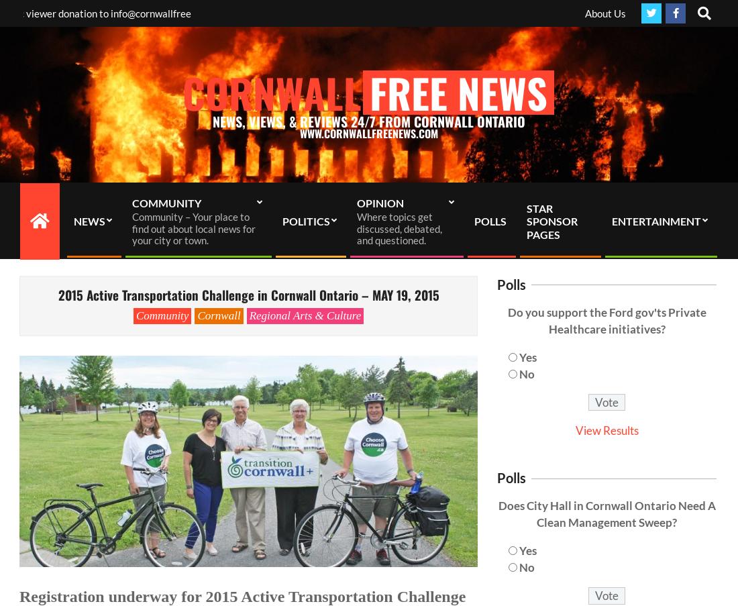  I want to click on 'About Us', so click(605, 11).